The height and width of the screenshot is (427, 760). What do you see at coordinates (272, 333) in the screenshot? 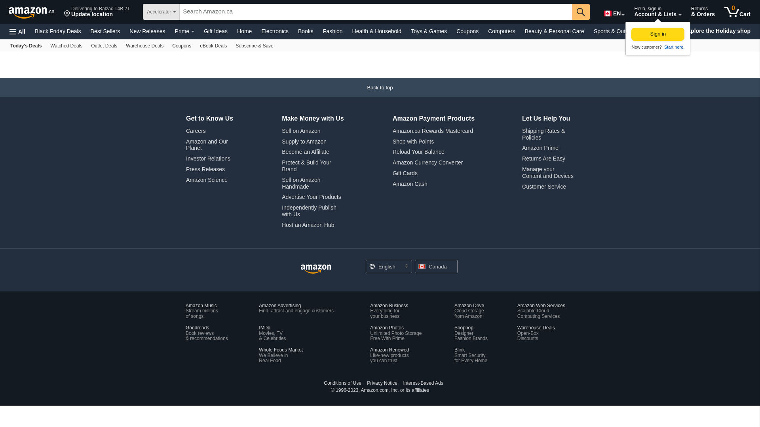
I see `'IMDb` at bounding box center [272, 333].